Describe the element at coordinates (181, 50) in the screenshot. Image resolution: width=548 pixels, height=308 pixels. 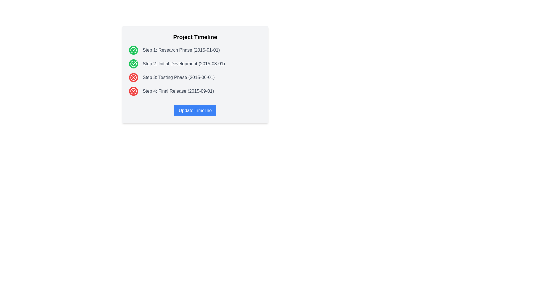
I see `the text element reading 'Step 1: Research Phase (2015-01-01)' which is styled with a gray font and is part of the first entry in the 'Project Timeline'` at that location.